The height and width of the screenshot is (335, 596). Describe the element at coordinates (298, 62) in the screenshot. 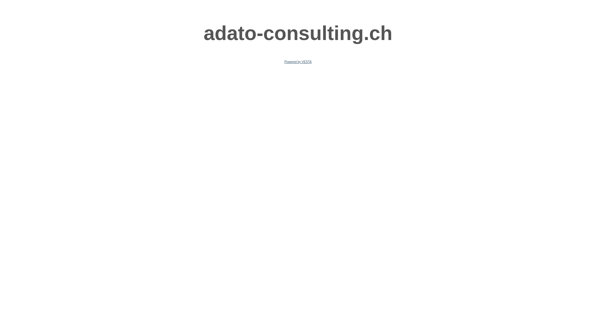

I see `'Powered by VESTA'` at that location.